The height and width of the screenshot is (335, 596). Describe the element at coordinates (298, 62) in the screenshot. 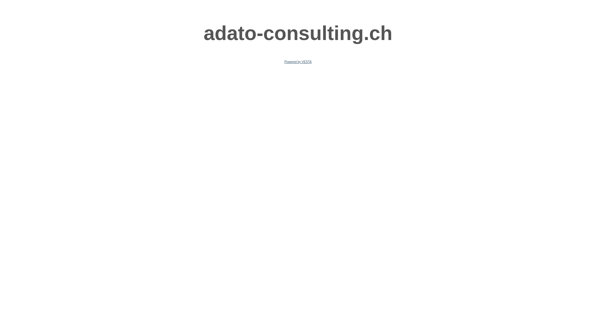

I see `'Powered by VESTA'` at that location.